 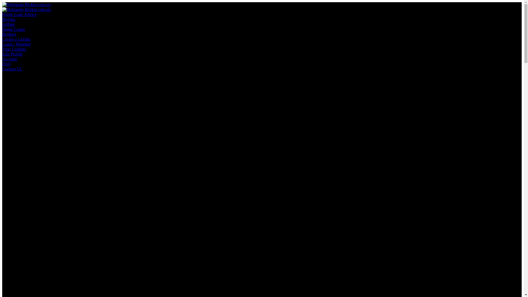 What do you see at coordinates (13, 29) in the screenshot?
I see `'Home Loans'` at bounding box center [13, 29].